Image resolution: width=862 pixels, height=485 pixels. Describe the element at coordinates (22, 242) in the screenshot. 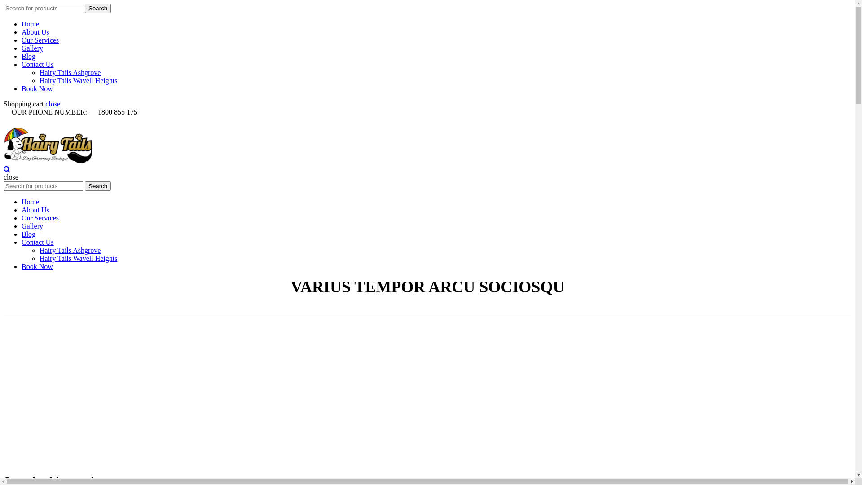

I see `'Contact Us'` at that location.